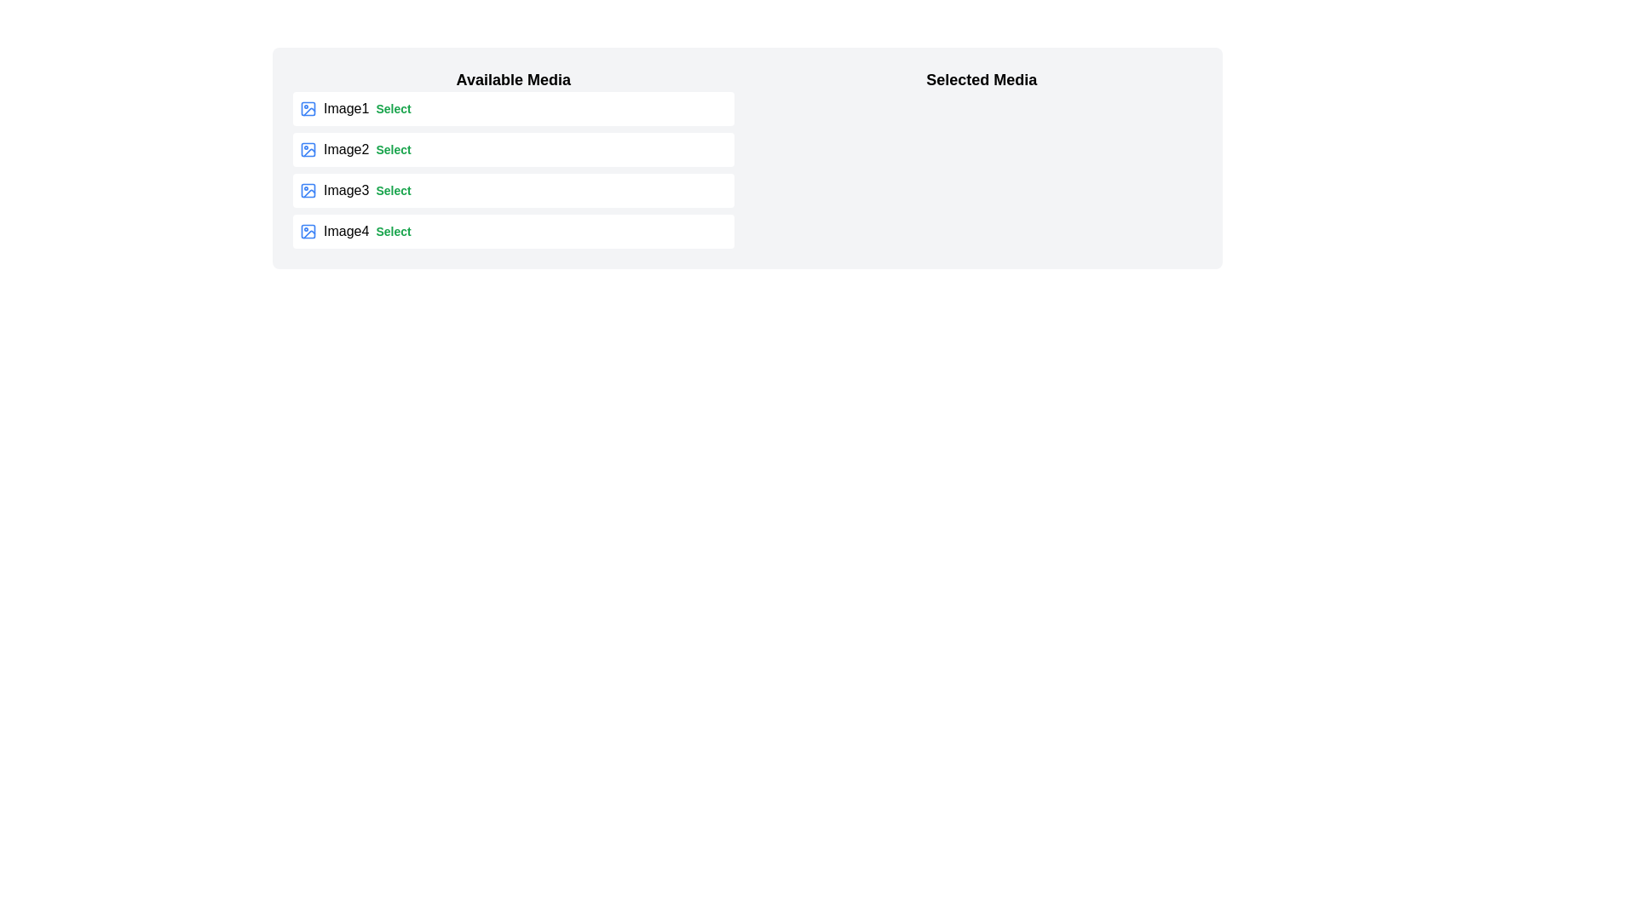  I want to click on the second entry in the vertically arranged list of images under the 'Available Media' section, so click(512, 170).